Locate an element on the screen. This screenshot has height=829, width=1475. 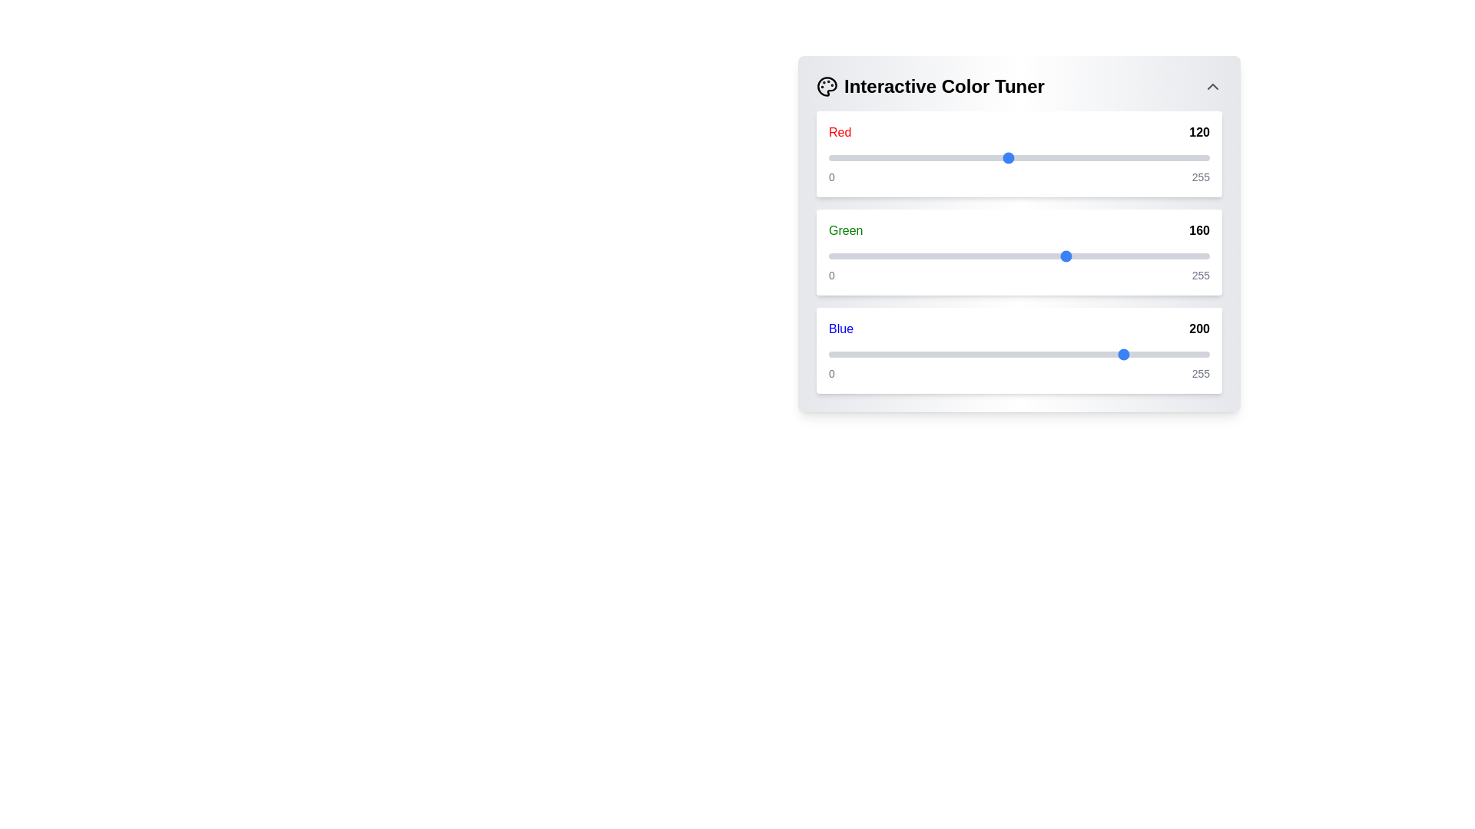
the Blue slider value is located at coordinates (846, 355).